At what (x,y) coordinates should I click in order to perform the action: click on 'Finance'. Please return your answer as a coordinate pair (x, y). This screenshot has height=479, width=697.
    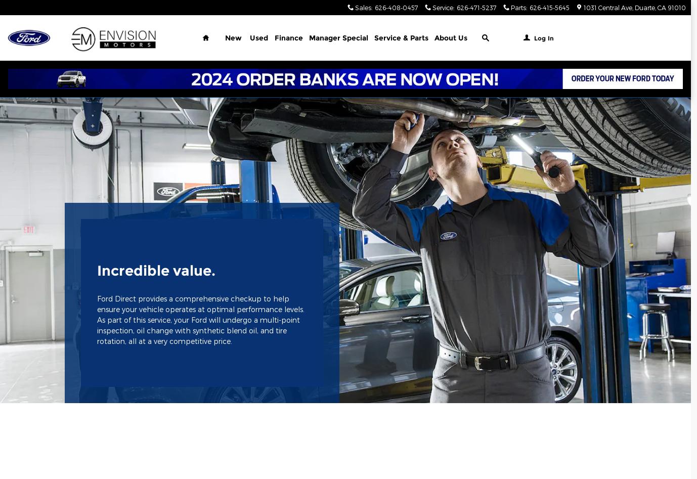
    Looking at the image, I should click on (287, 38).